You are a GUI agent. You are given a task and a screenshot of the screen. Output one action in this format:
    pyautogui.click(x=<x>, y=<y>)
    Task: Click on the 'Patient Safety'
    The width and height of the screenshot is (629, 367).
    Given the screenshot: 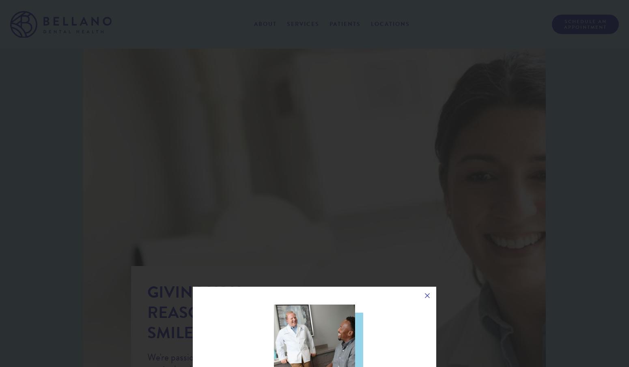 What is the action you would take?
    pyautogui.click(x=280, y=54)
    